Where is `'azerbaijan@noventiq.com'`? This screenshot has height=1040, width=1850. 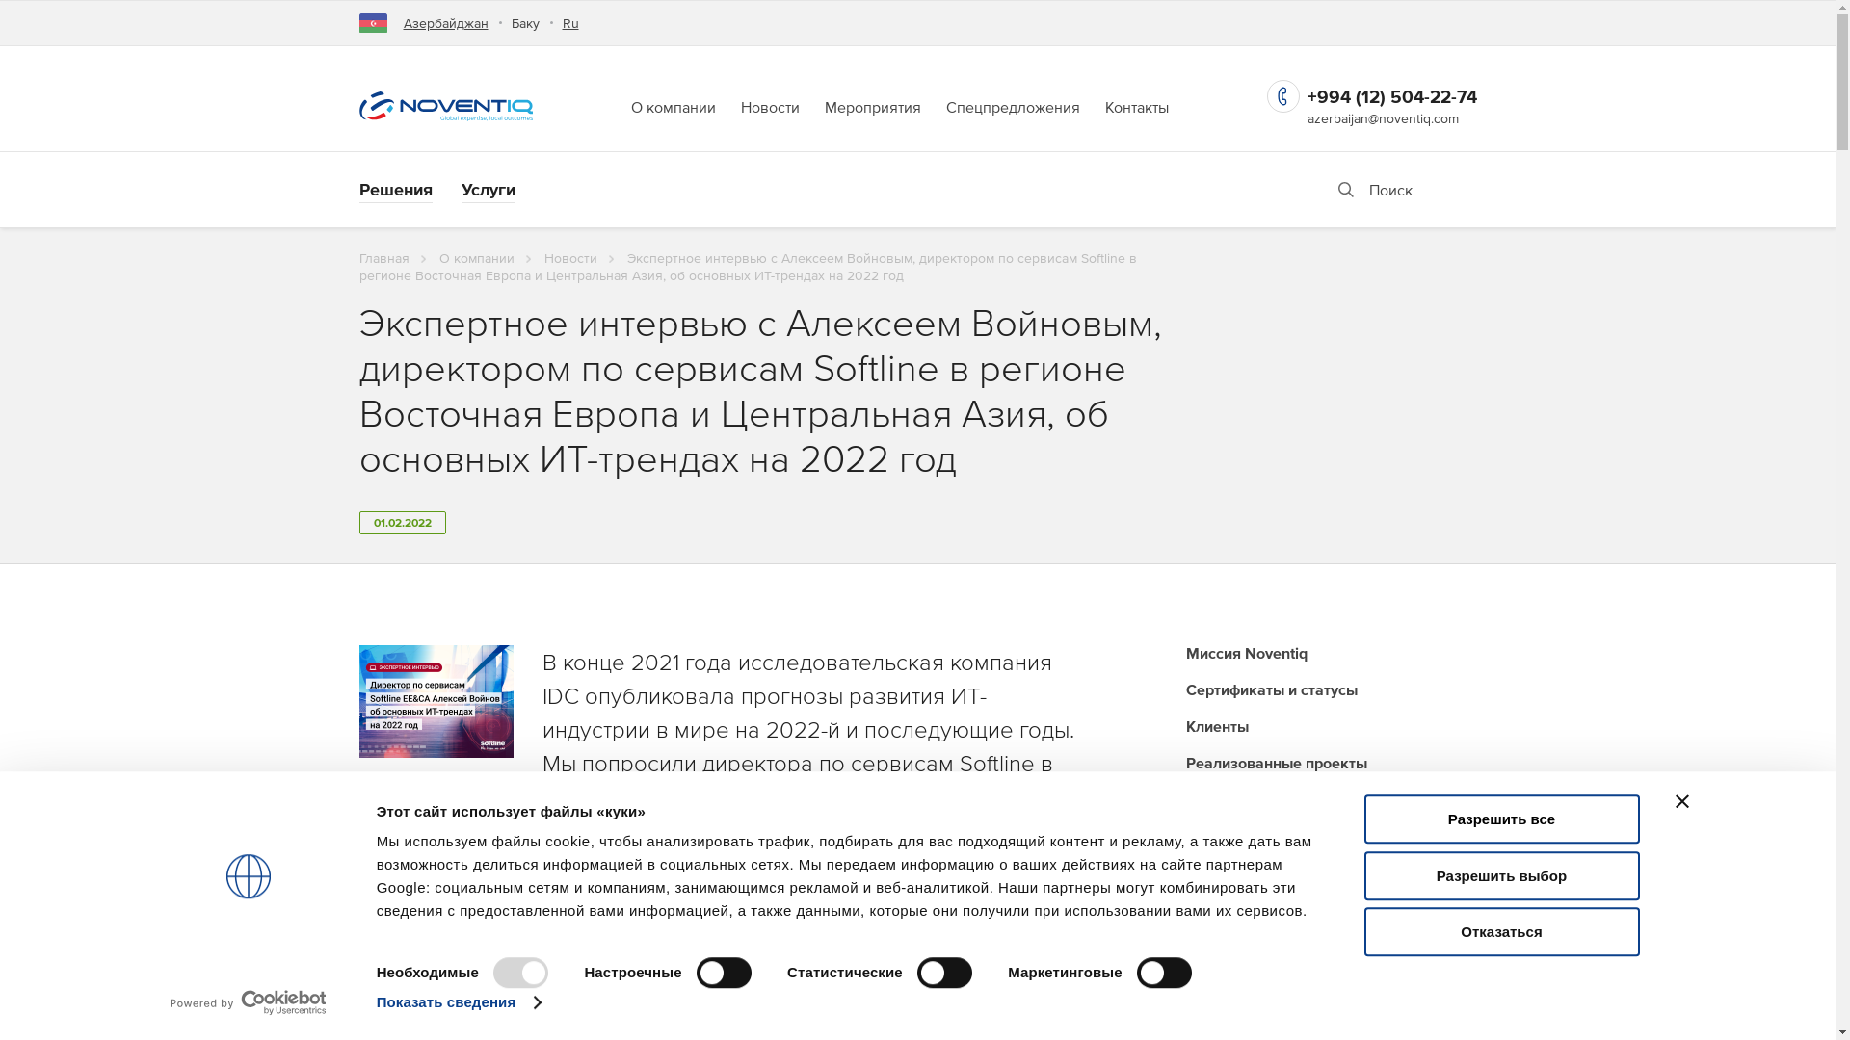
'azerbaijan@noventiq.com' is located at coordinates (1307, 118).